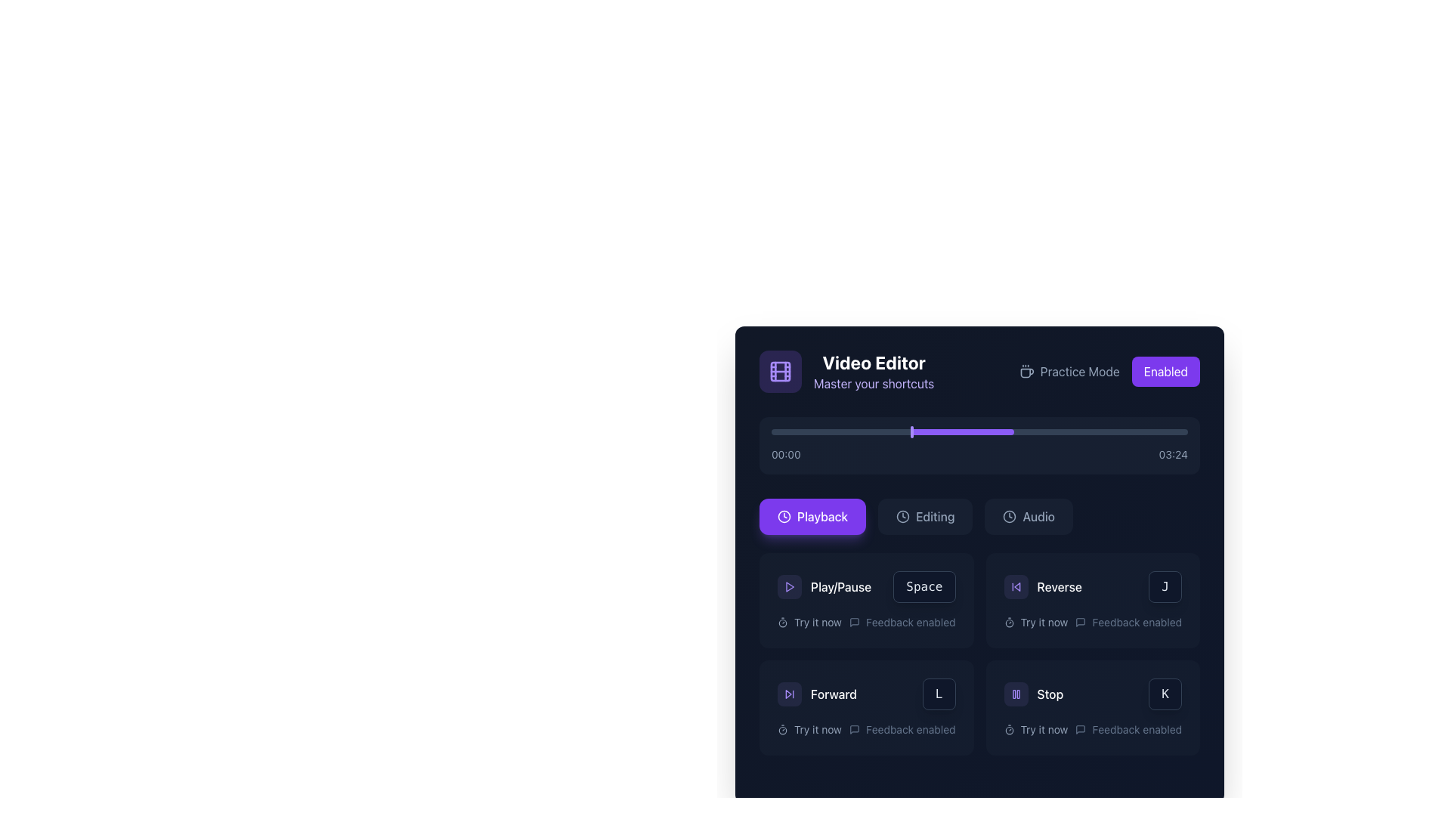 The width and height of the screenshot is (1451, 816). Describe the element at coordinates (924, 586) in the screenshot. I see `the static text label displaying 'Space' styled in white on a dark blue background, located to the right of the 'Play/Pause' label in the playback controls section` at that location.